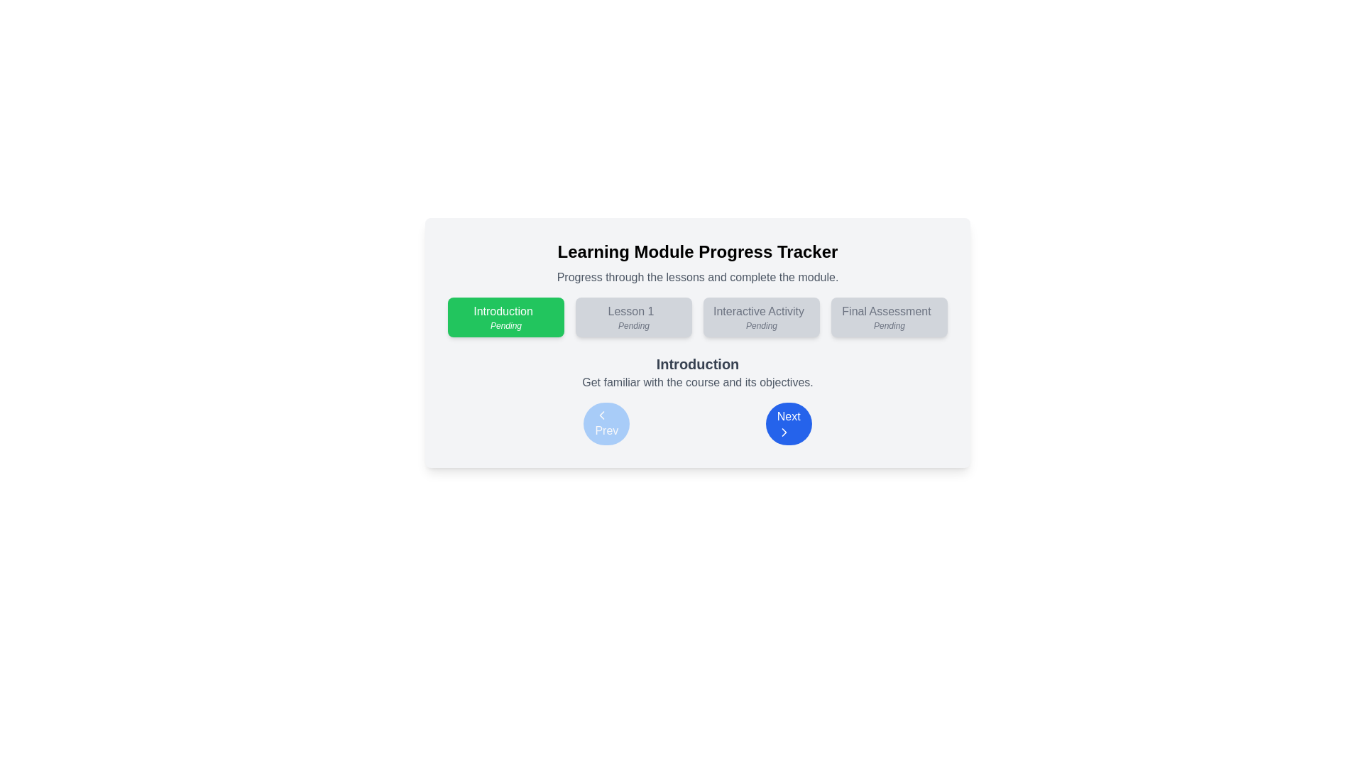 The height and width of the screenshot is (767, 1363). What do you see at coordinates (505, 326) in the screenshot?
I see `the small textual label that reads 'Pending', which is italicized and positioned under the 'Introduction' text inside a green background box` at bounding box center [505, 326].